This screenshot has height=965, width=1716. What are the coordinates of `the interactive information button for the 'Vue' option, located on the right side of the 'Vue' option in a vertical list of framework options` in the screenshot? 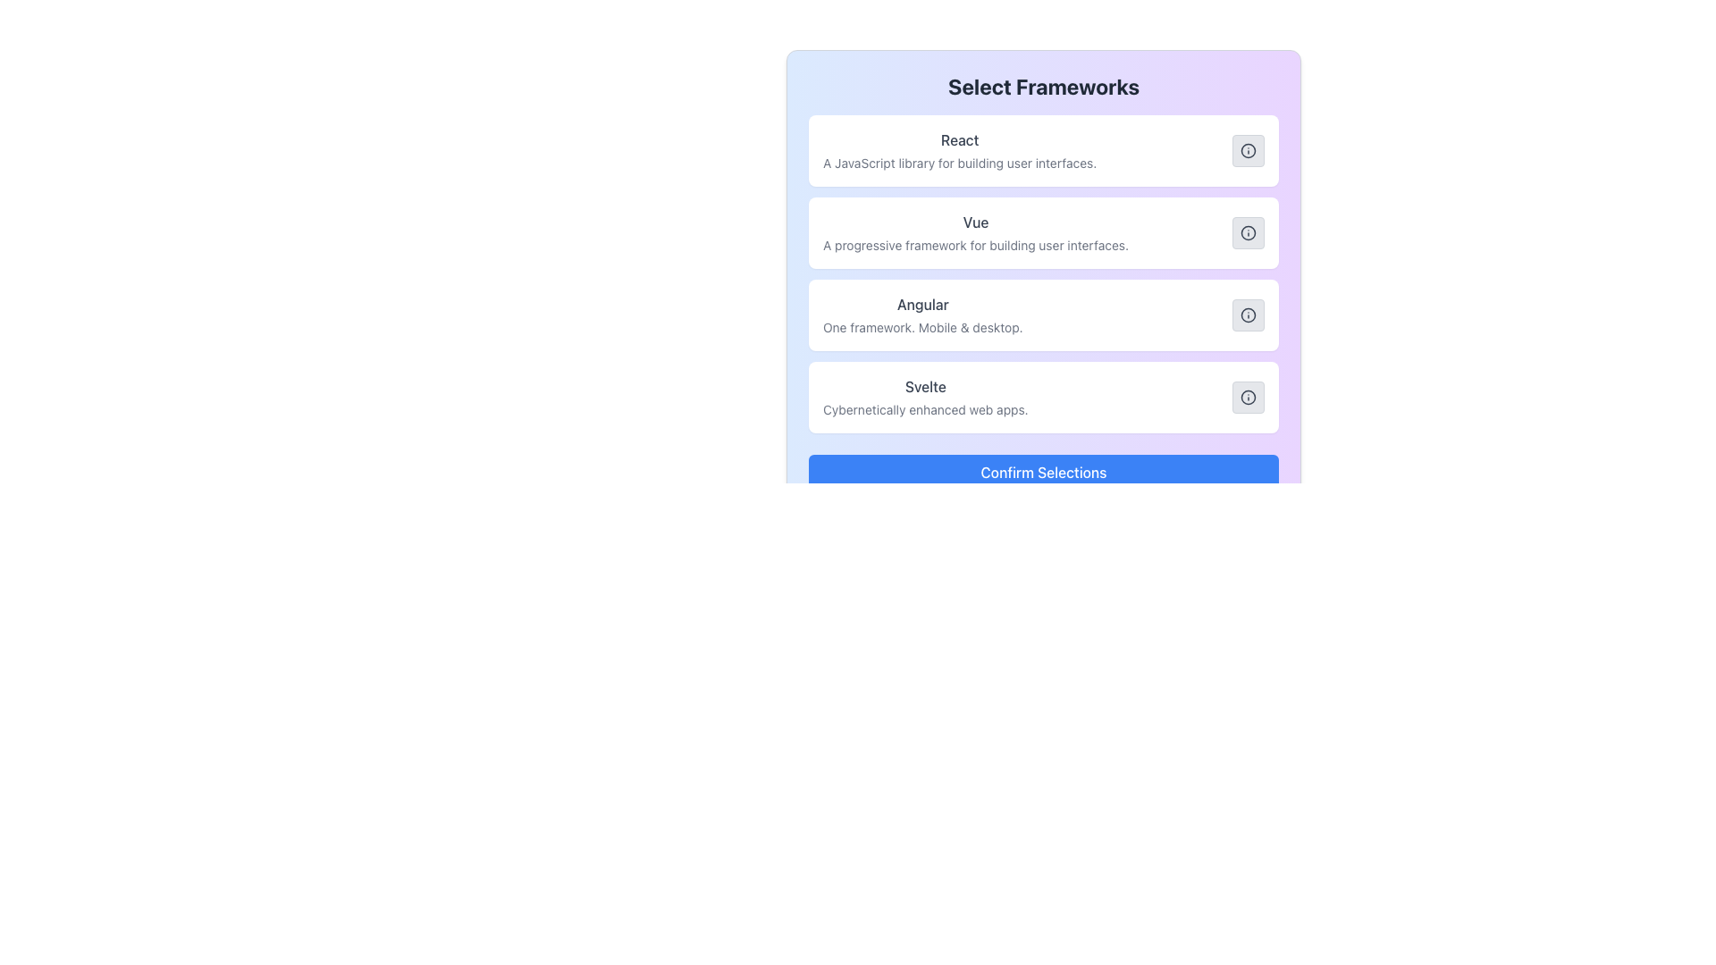 It's located at (1247, 232).